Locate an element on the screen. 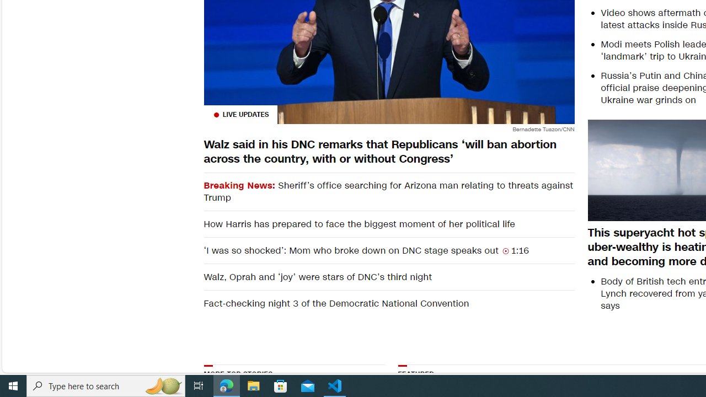 The width and height of the screenshot is (706, 397). 'Class: container__video-duration-icon' is located at coordinates (505, 251).